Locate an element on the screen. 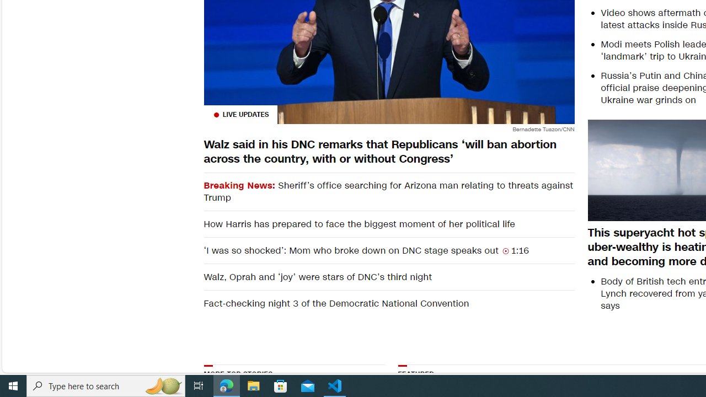 The width and height of the screenshot is (706, 397). 'Class: container__video-duration-icon' is located at coordinates (505, 251).